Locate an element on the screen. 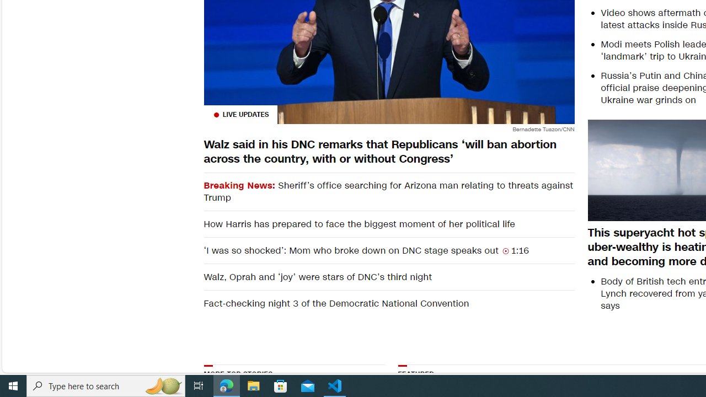 The width and height of the screenshot is (706, 397). 'Class: container__video-duration-icon' is located at coordinates (505, 251).